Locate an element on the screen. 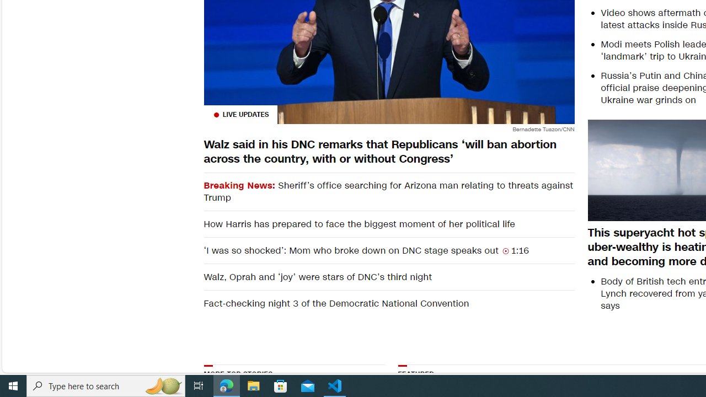 The width and height of the screenshot is (706, 397). 'Class: container__video-duration-icon' is located at coordinates (505, 251).